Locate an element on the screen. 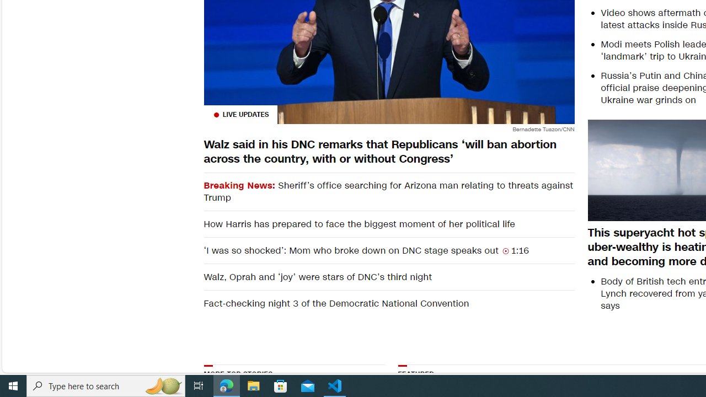 The width and height of the screenshot is (706, 397). 'Class: container__video-duration-icon' is located at coordinates (505, 251).